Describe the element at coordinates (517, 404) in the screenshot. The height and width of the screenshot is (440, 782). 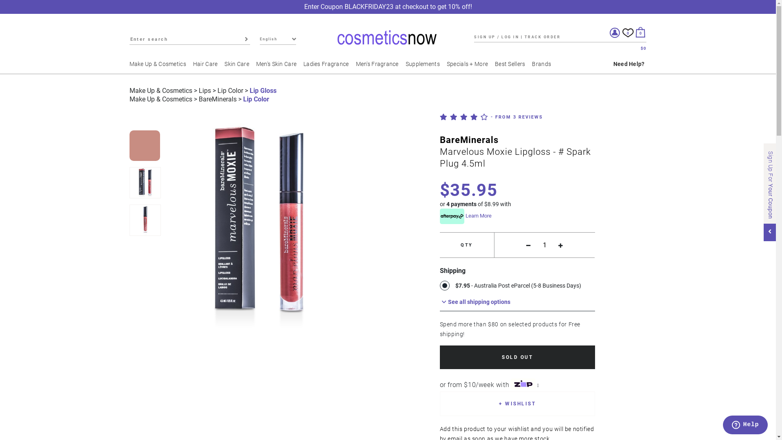
I see `'+ WISHLIST'` at that location.